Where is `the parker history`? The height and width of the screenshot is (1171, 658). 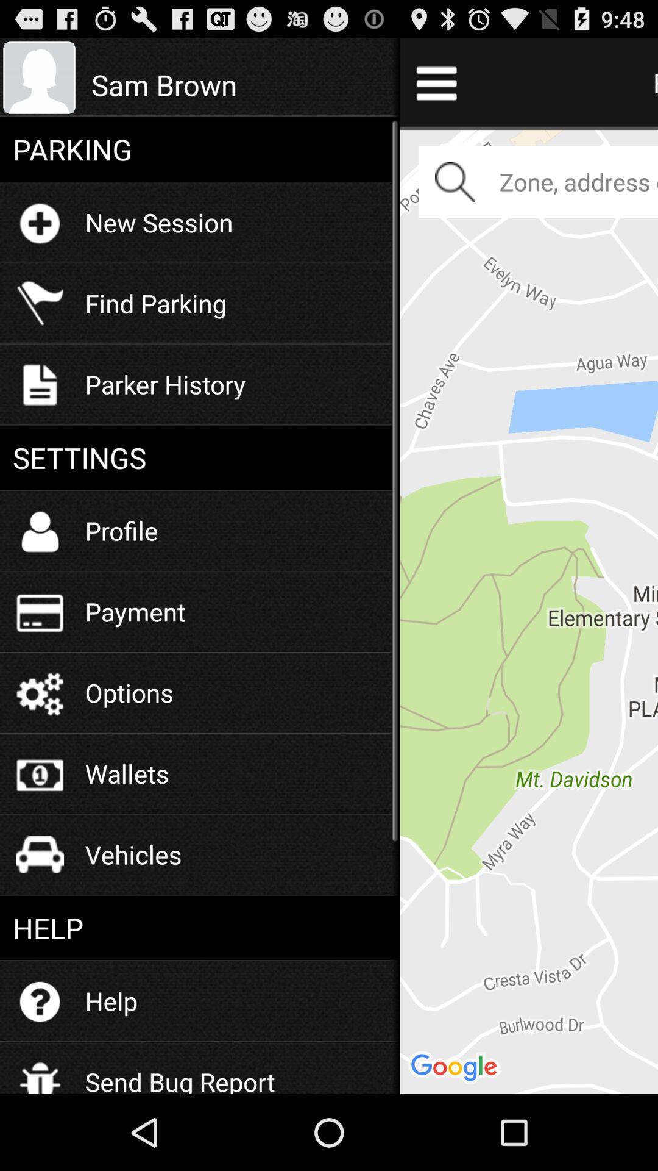 the parker history is located at coordinates (165, 383).